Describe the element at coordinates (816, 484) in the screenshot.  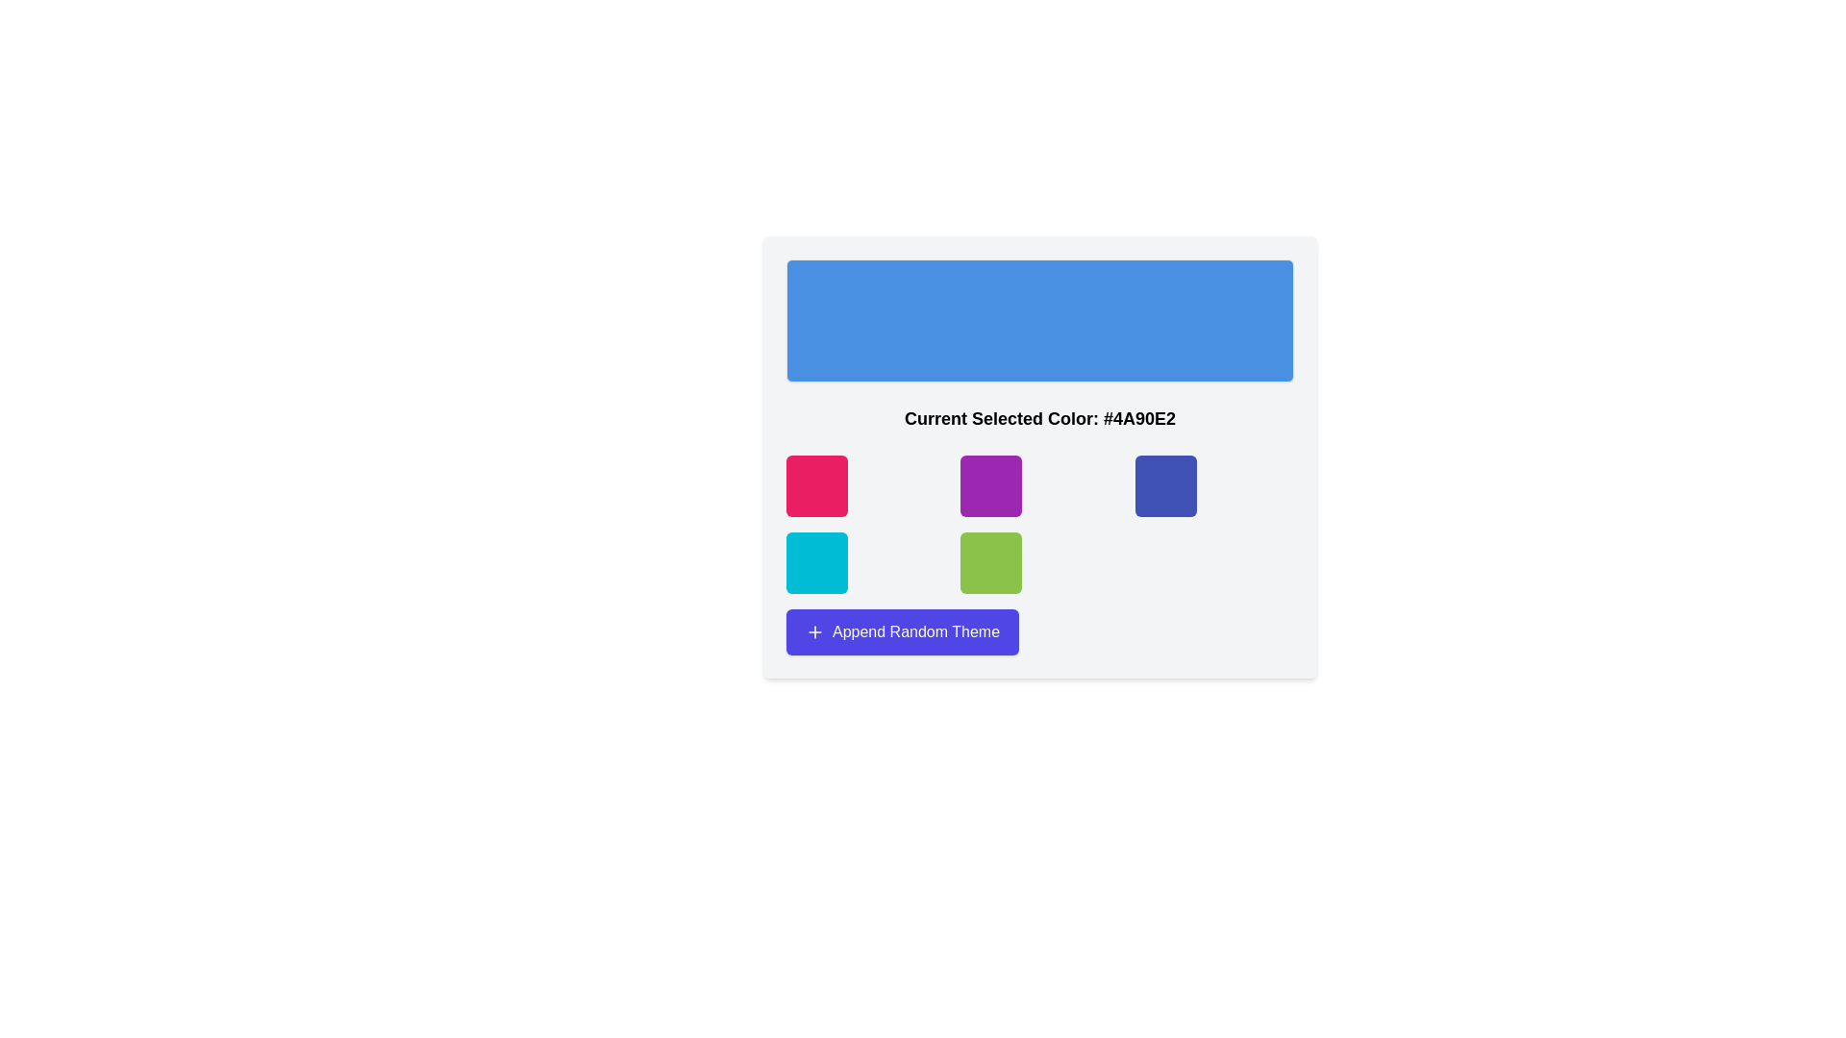
I see `the interactive square box with rounded corners and a solid pink background` at that location.